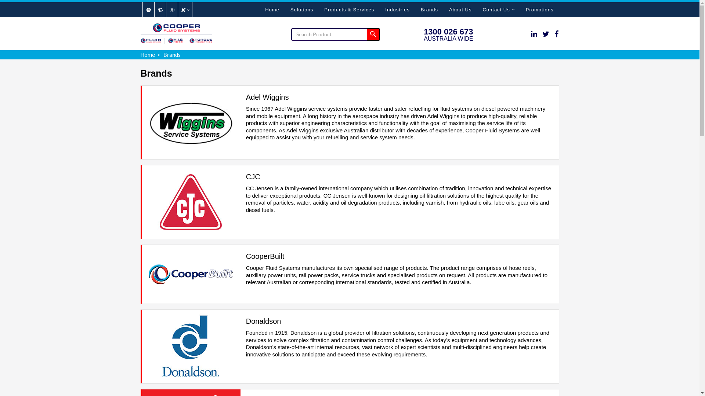  Describe the element at coordinates (429, 10) in the screenshot. I see `'Brands'` at that location.